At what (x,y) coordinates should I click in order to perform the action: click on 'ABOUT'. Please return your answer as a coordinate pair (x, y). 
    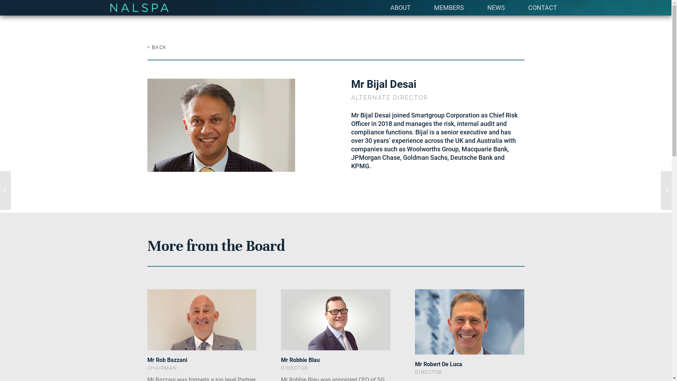
    Looking at the image, I should click on (401, 8).